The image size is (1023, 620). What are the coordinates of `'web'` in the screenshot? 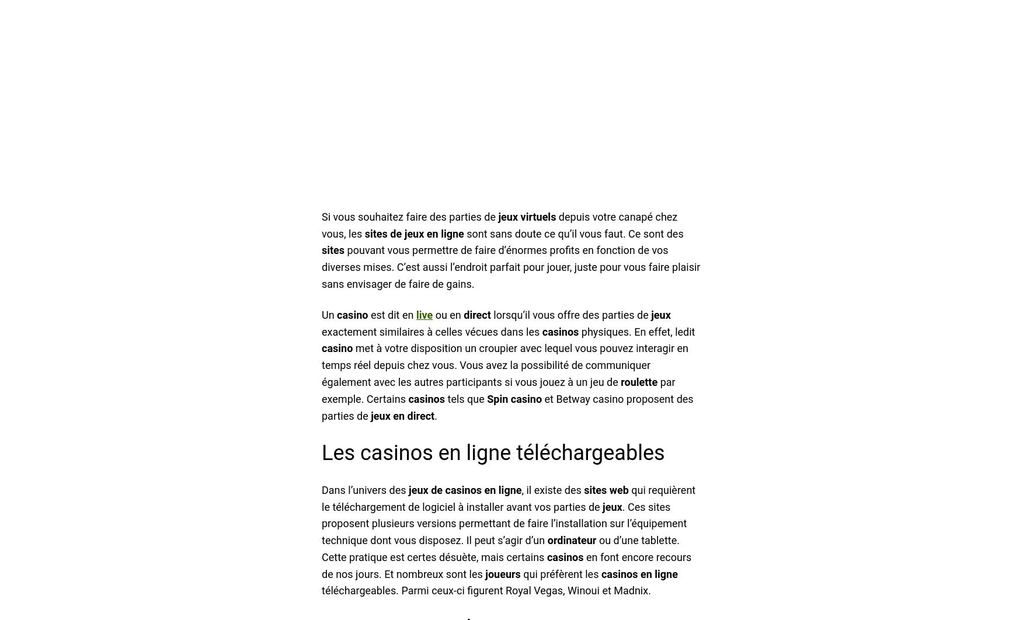 It's located at (618, 489).